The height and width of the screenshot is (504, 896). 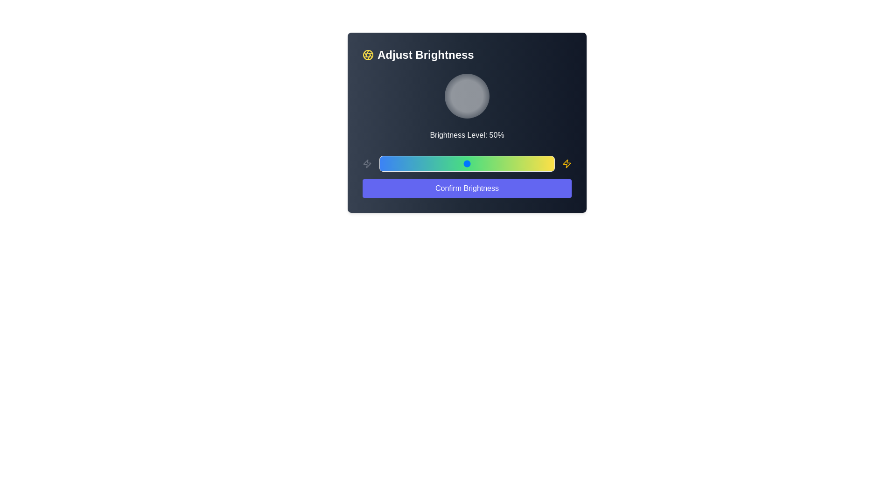 I want to click on the 'Confirm Brightness' button, so click(x=467, y=189).